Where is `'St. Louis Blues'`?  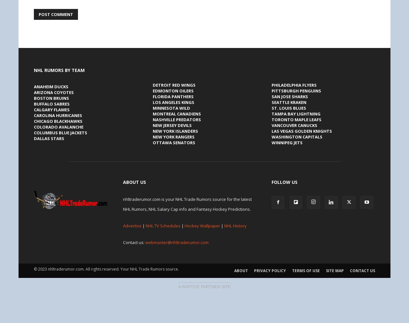 'St. Louis Blues' is located at coordinates (289, 108).